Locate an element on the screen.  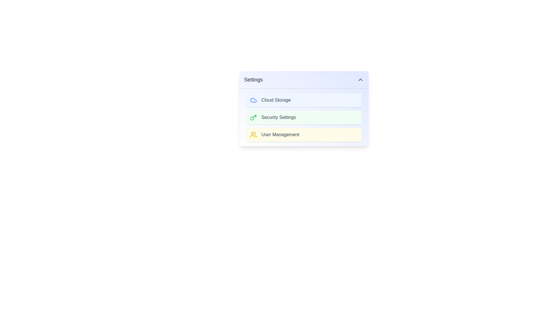
the 'Security Settings' button, which is the second button in a vertical list of three buttons, located below the 'Cloud Storage' button and above the 'User Management' button is located at coordinates (304, 117).